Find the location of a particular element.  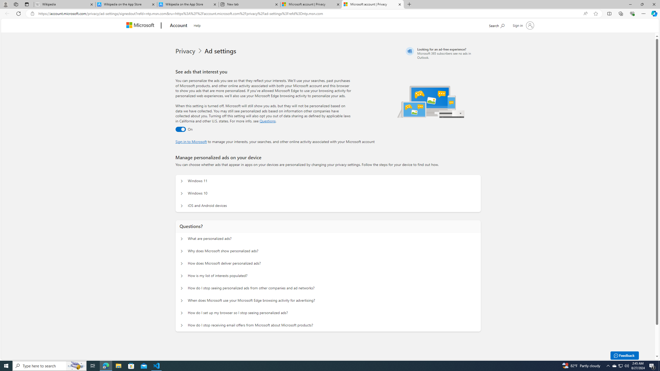

'Ad settings' is located at coordinates (221, 51).